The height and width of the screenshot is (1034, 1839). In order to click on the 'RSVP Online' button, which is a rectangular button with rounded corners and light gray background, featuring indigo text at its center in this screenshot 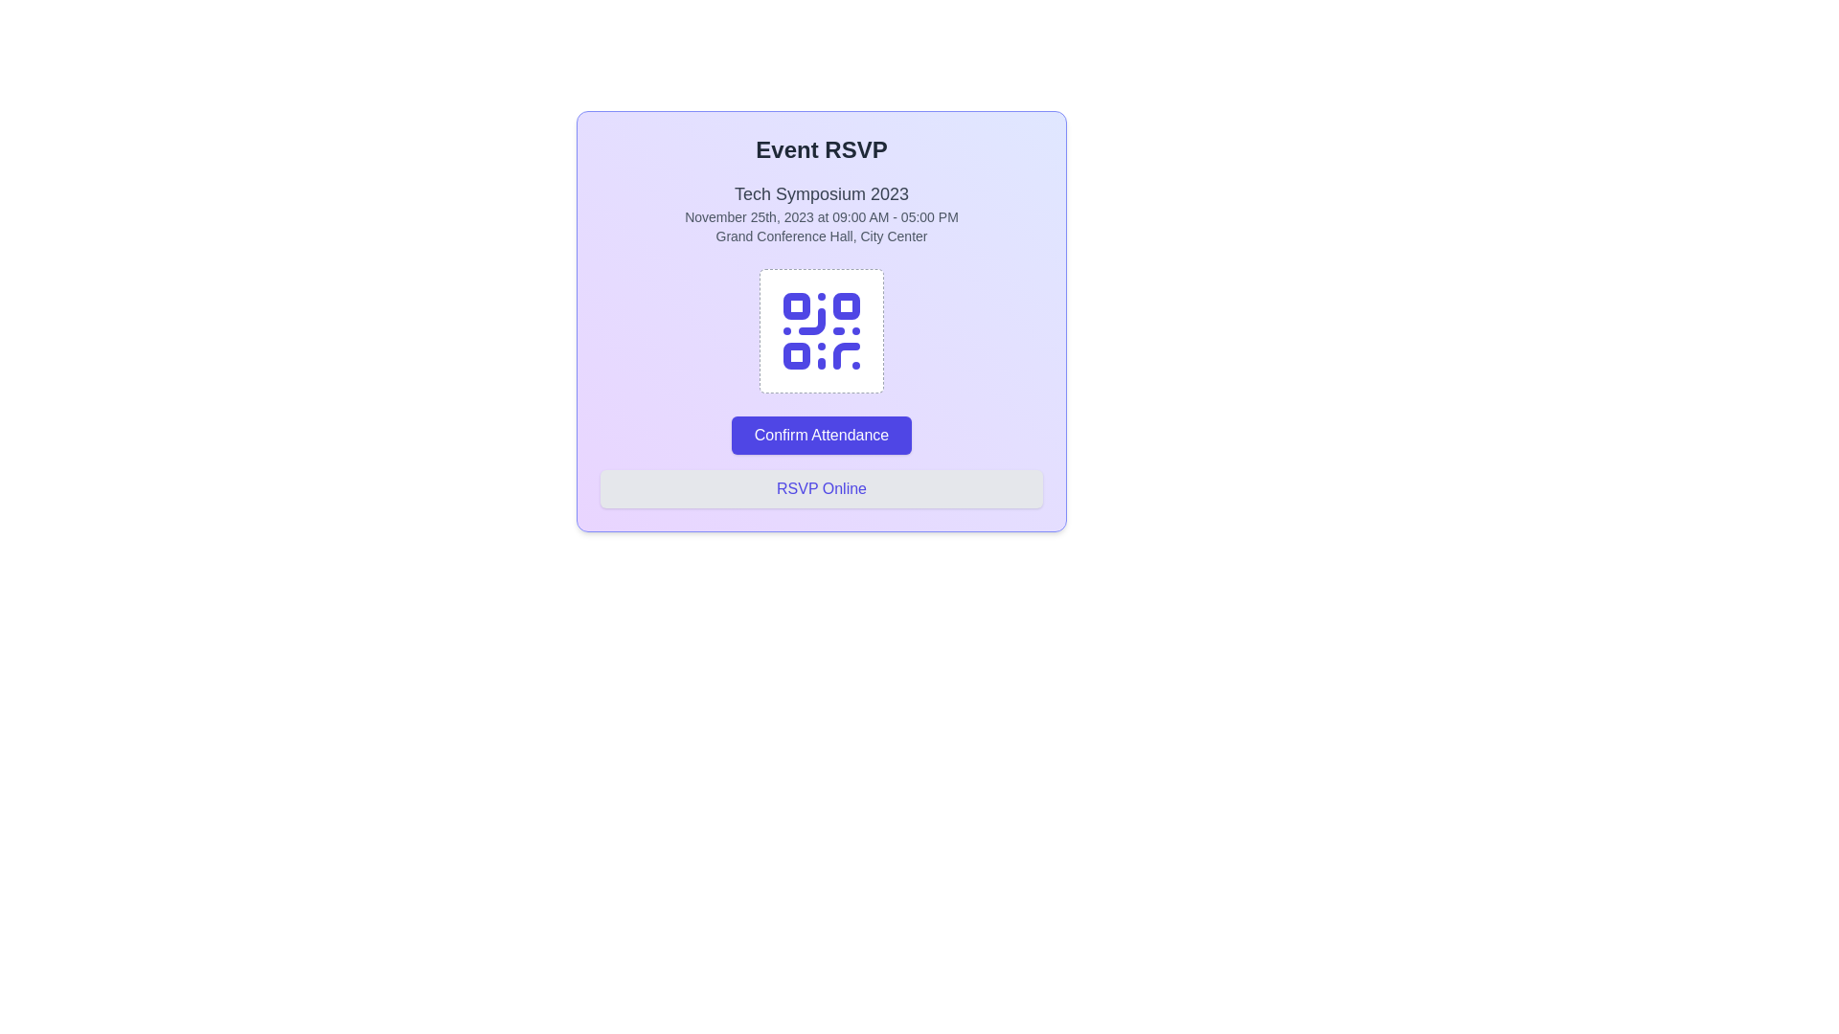, I will do `click(822, 487)`.